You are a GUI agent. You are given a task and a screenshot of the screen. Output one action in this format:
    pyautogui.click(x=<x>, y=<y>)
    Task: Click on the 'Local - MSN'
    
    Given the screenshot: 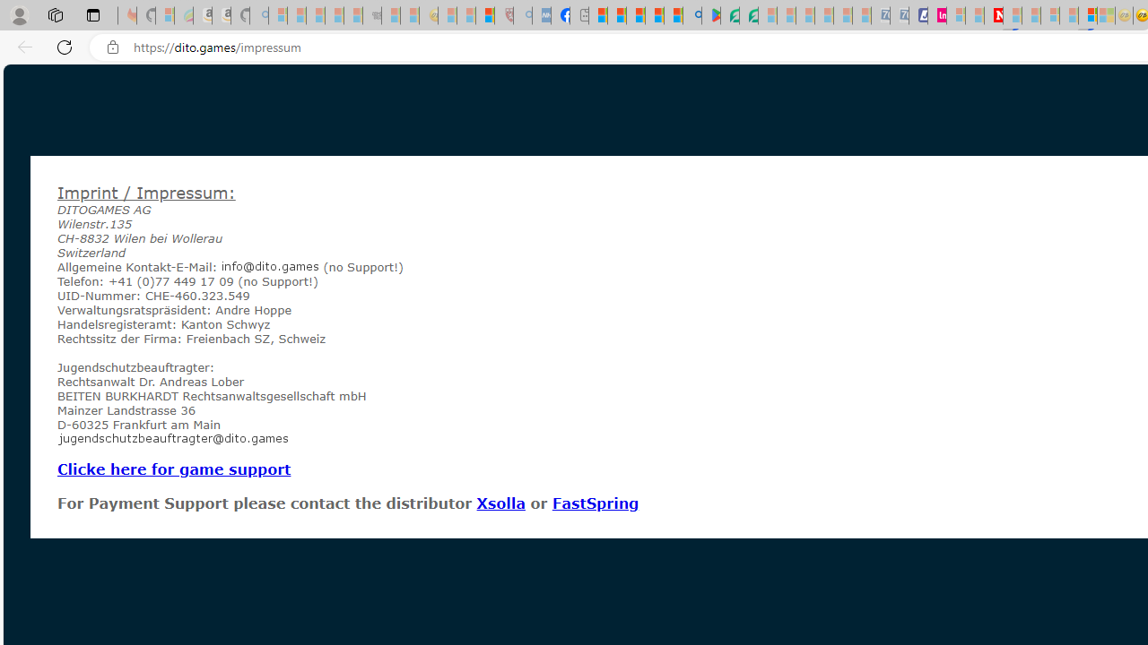 What is the action you would take?
    pyautogui.click(x=485, y=15)
    